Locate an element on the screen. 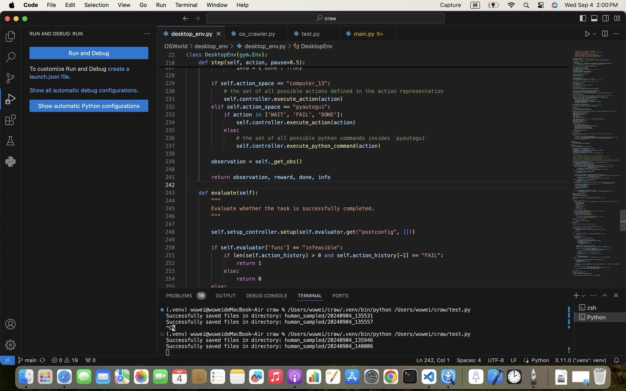  ' 0' is located at coordinates (90, 360).